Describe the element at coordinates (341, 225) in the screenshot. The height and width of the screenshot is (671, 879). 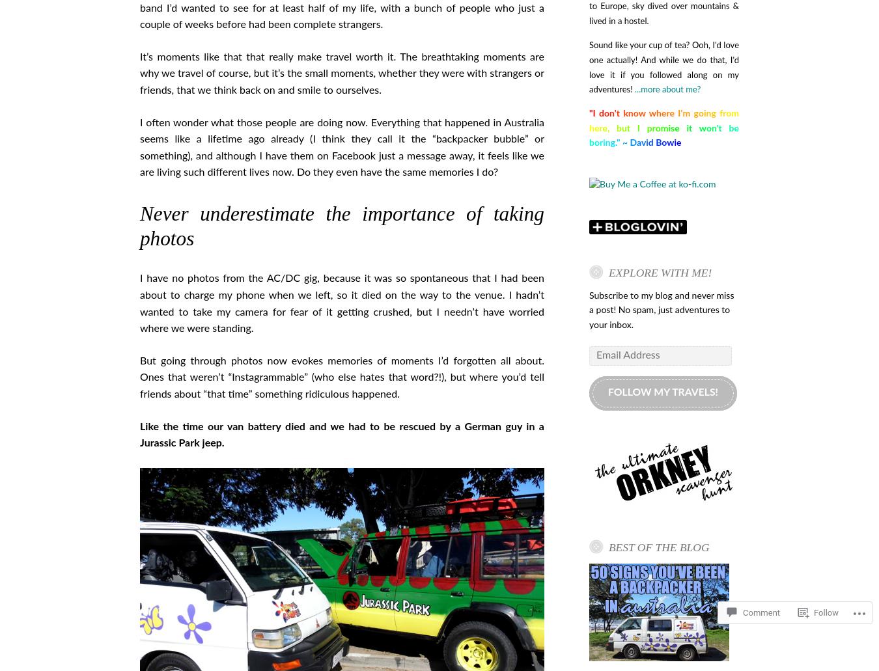
I see `'Never underestimate the importance of taking photos'` at that location.